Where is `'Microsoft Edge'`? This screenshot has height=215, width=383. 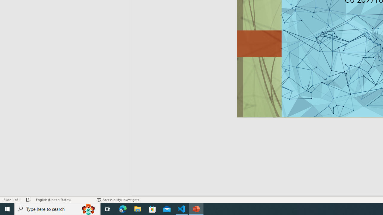
'Microsoft Edge' is located at coordinates (123, 208).